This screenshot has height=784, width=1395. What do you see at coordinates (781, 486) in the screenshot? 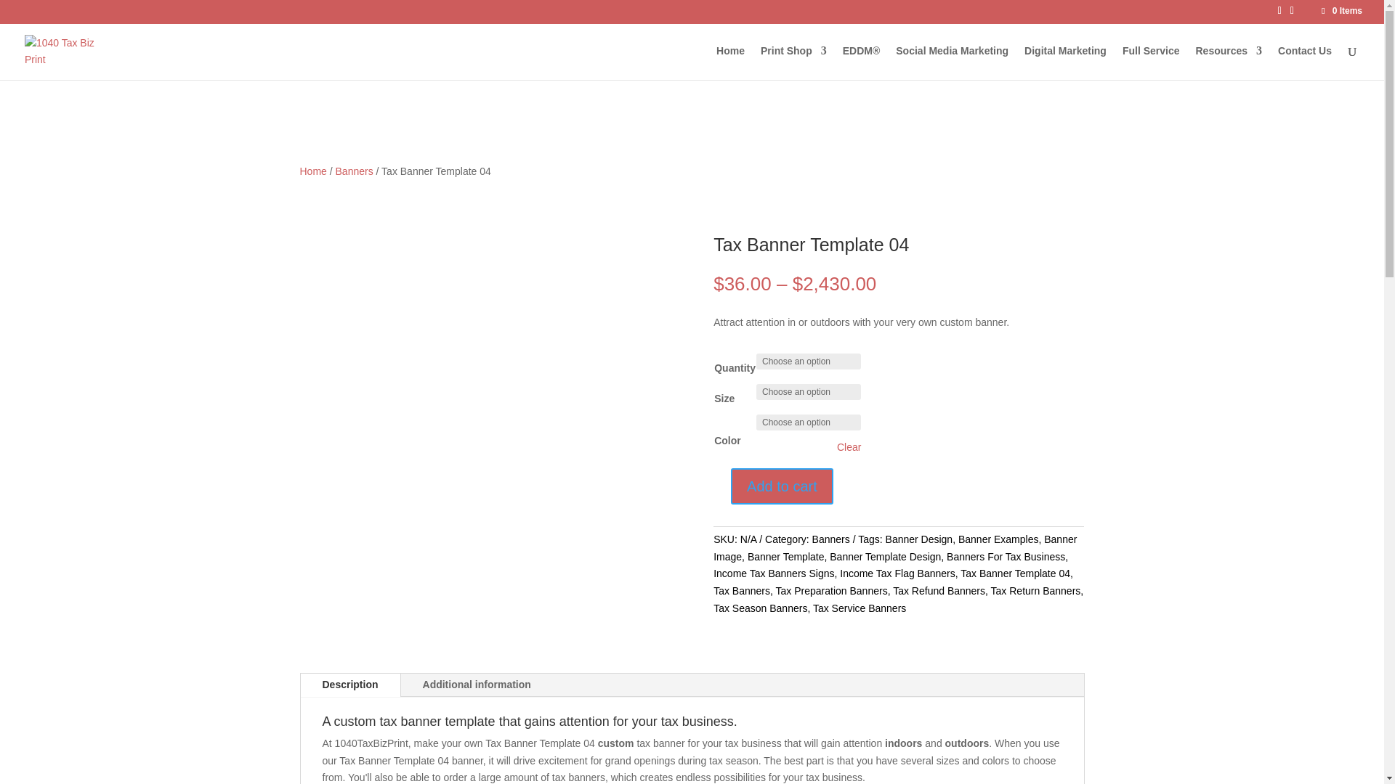
I see `'Add to cart'` at bounding box center [781, 486].